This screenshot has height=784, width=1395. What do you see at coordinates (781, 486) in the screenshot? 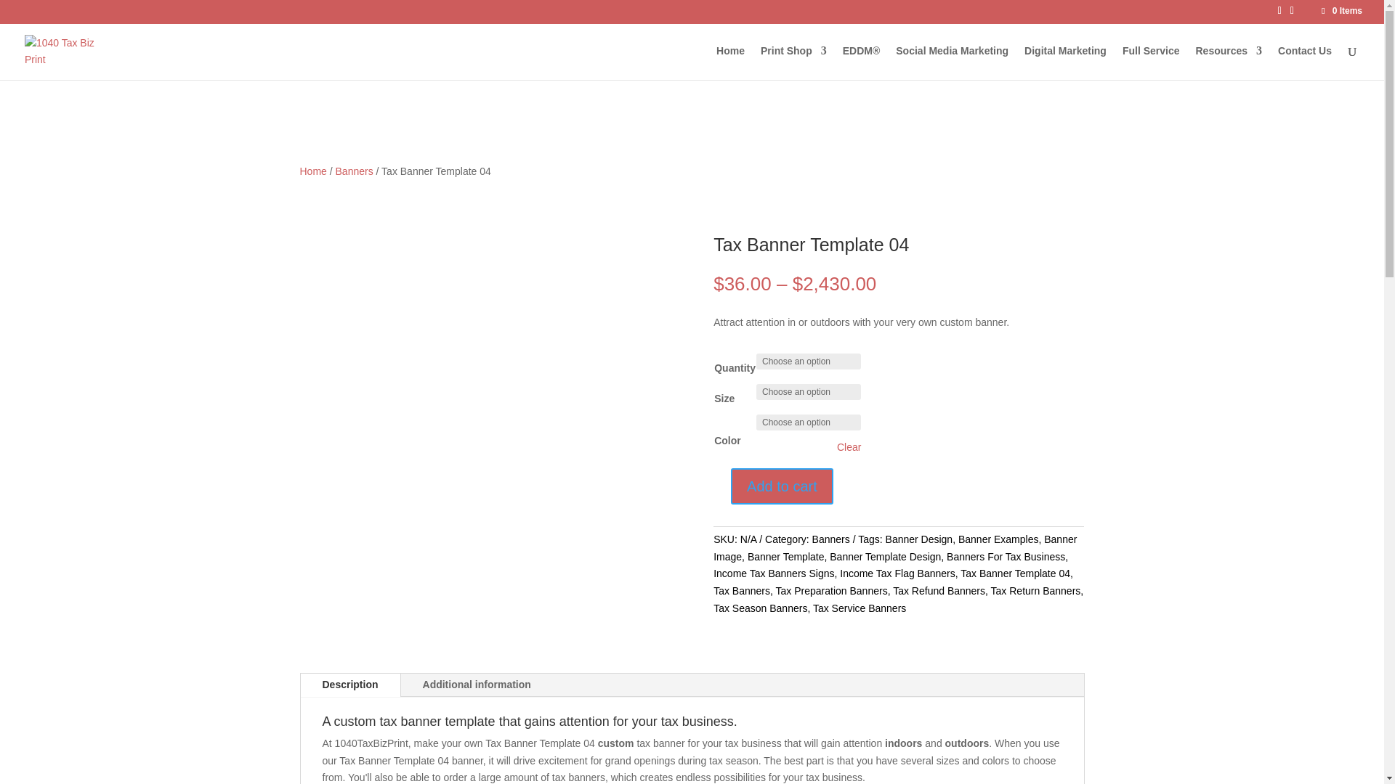
I see `'Add to cart'` at bounding box center [781, 486].